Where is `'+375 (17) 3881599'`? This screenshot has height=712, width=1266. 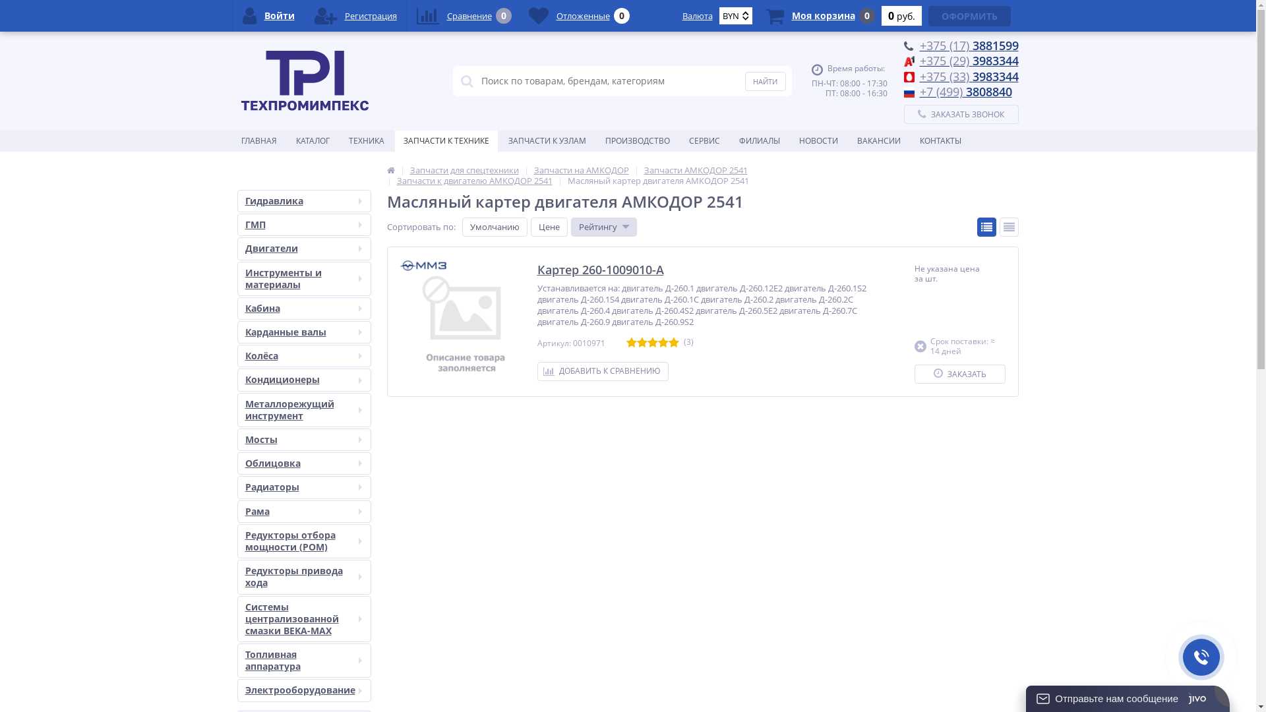 '+375 (17) 3881599' is located at coordinates (918, 45).